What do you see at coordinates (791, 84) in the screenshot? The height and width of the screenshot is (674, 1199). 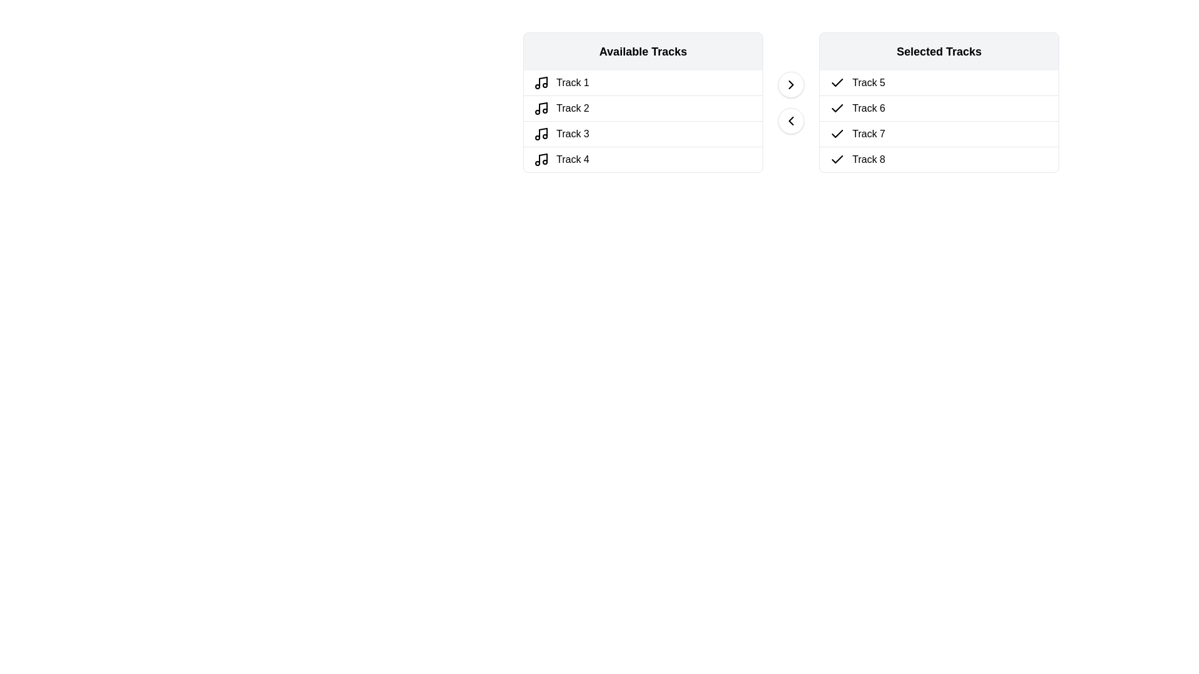 I see `the first circular button that transfers items from 'Available Tracks' to 'Selected Tracks' to observe interactive feedback` at bounding box center [791, 84].